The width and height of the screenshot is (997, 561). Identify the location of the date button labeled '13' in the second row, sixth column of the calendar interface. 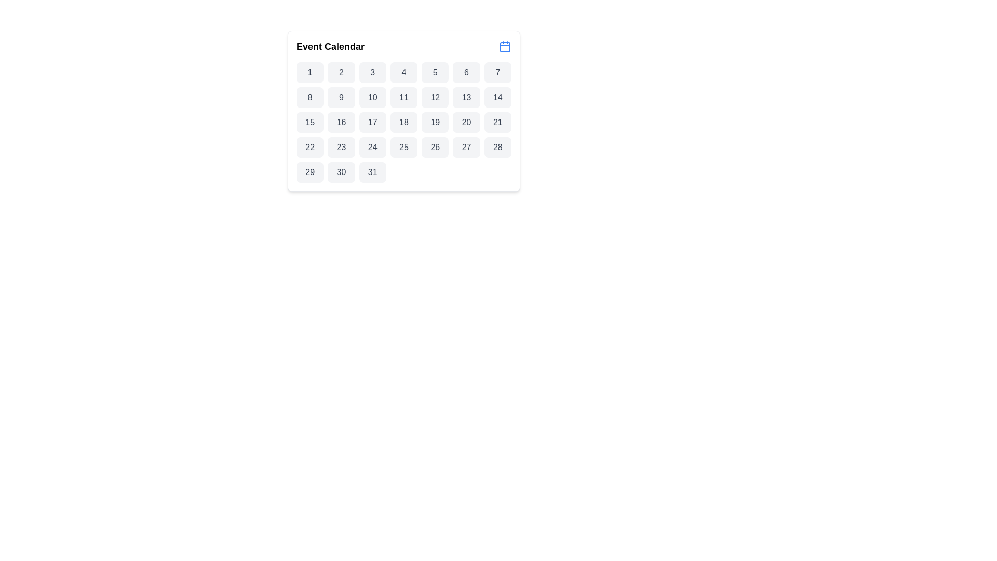
(466, 98).